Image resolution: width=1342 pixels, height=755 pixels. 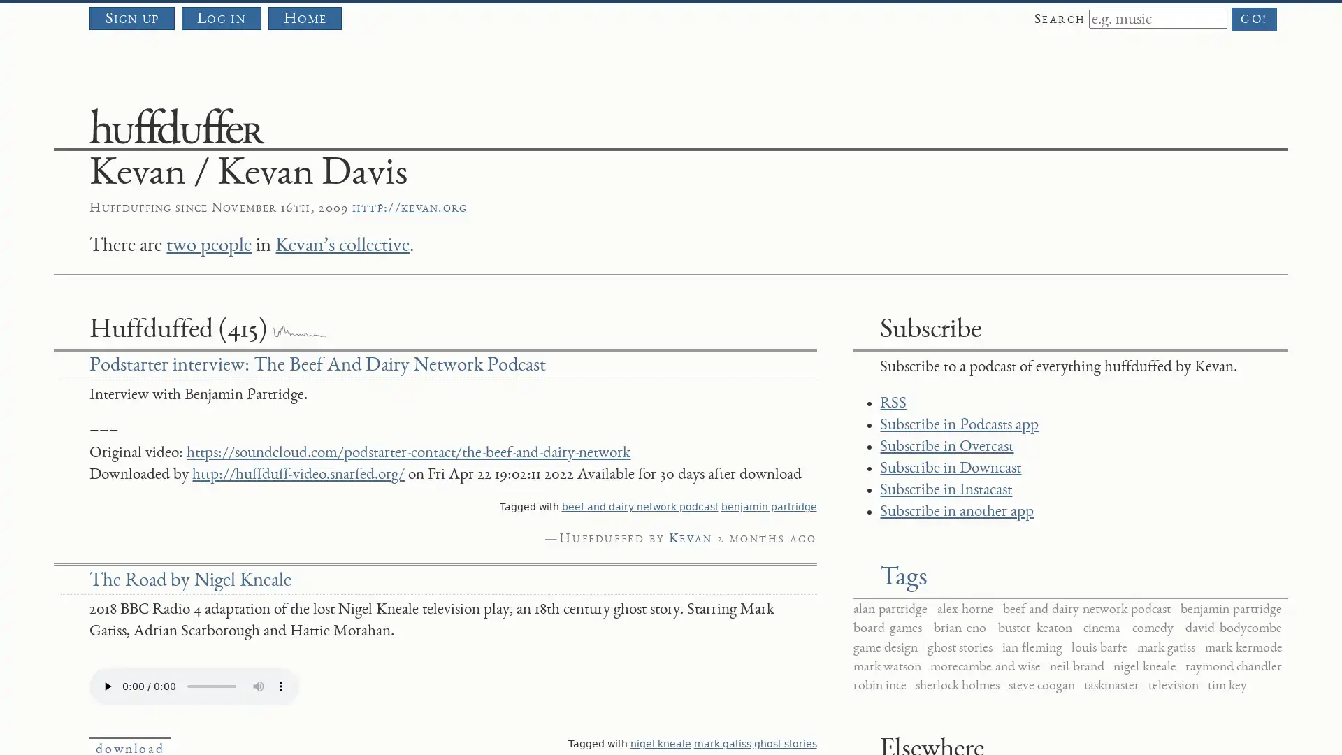 I want to click on play, so click(x=106, y=684).